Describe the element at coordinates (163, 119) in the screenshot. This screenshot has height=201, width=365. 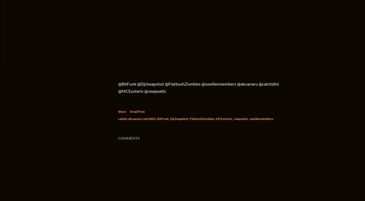
I see `'BitFunk'` at that location.